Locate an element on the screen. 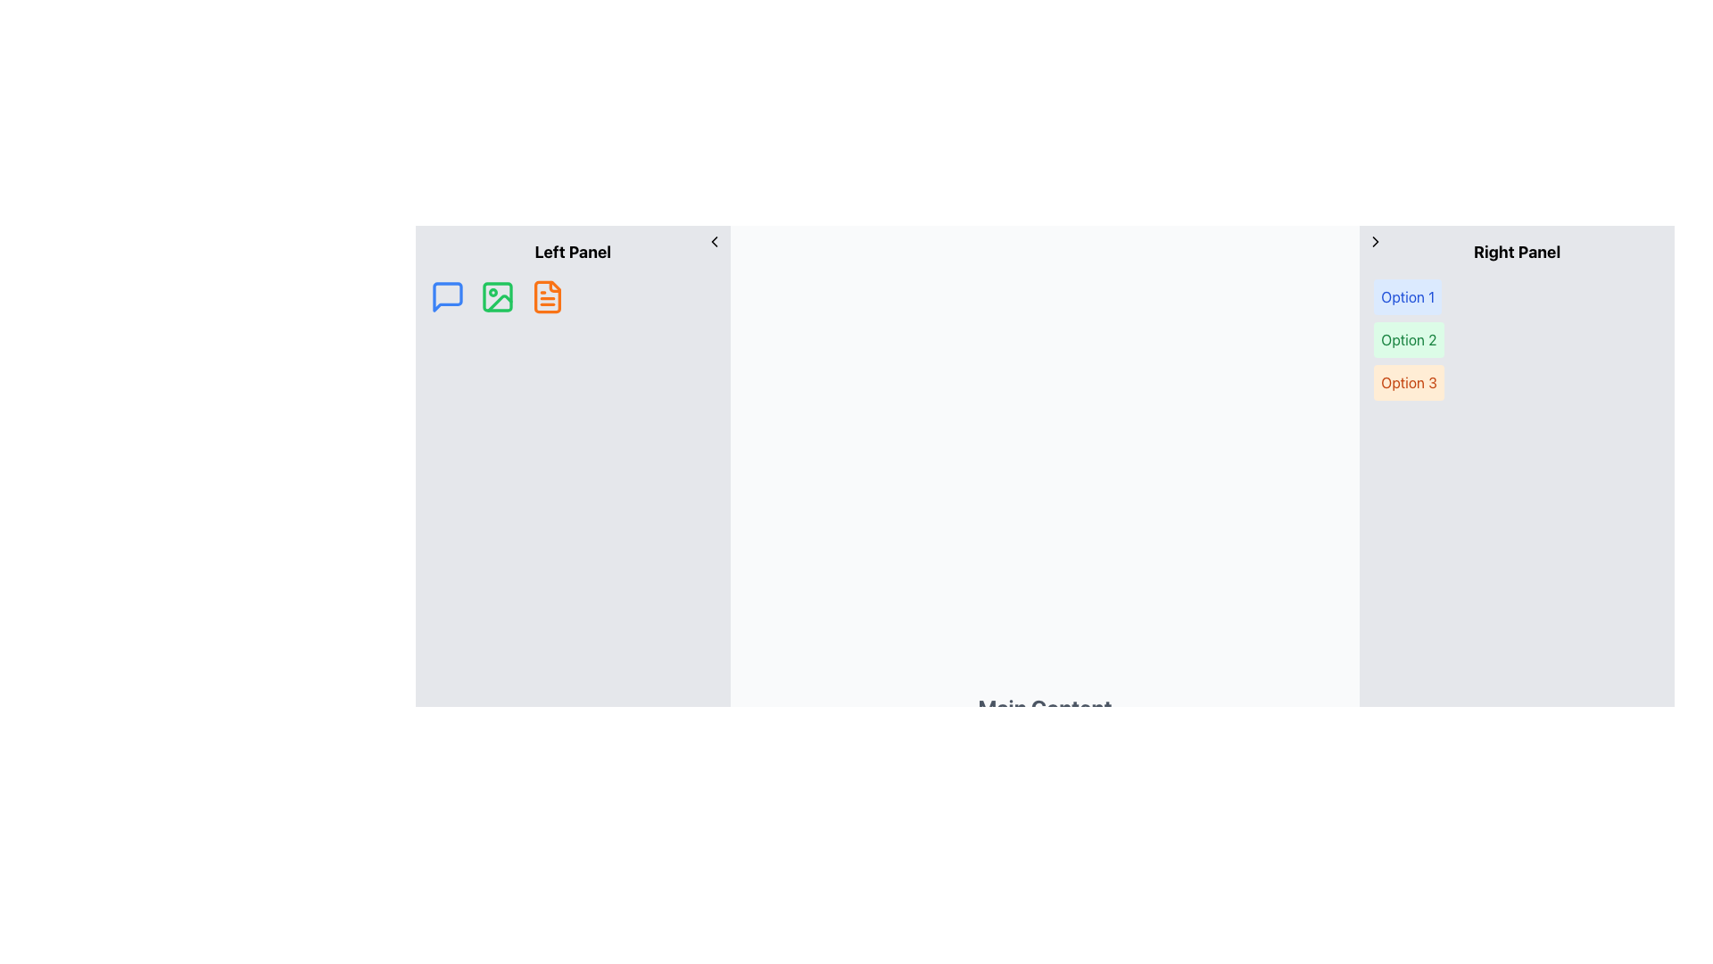 The image size is (1713, 964). the toggle button located in the top-right corner of the left side panel, adjacent to the 'Left Panel' heading is located at coordinates (714, 241).